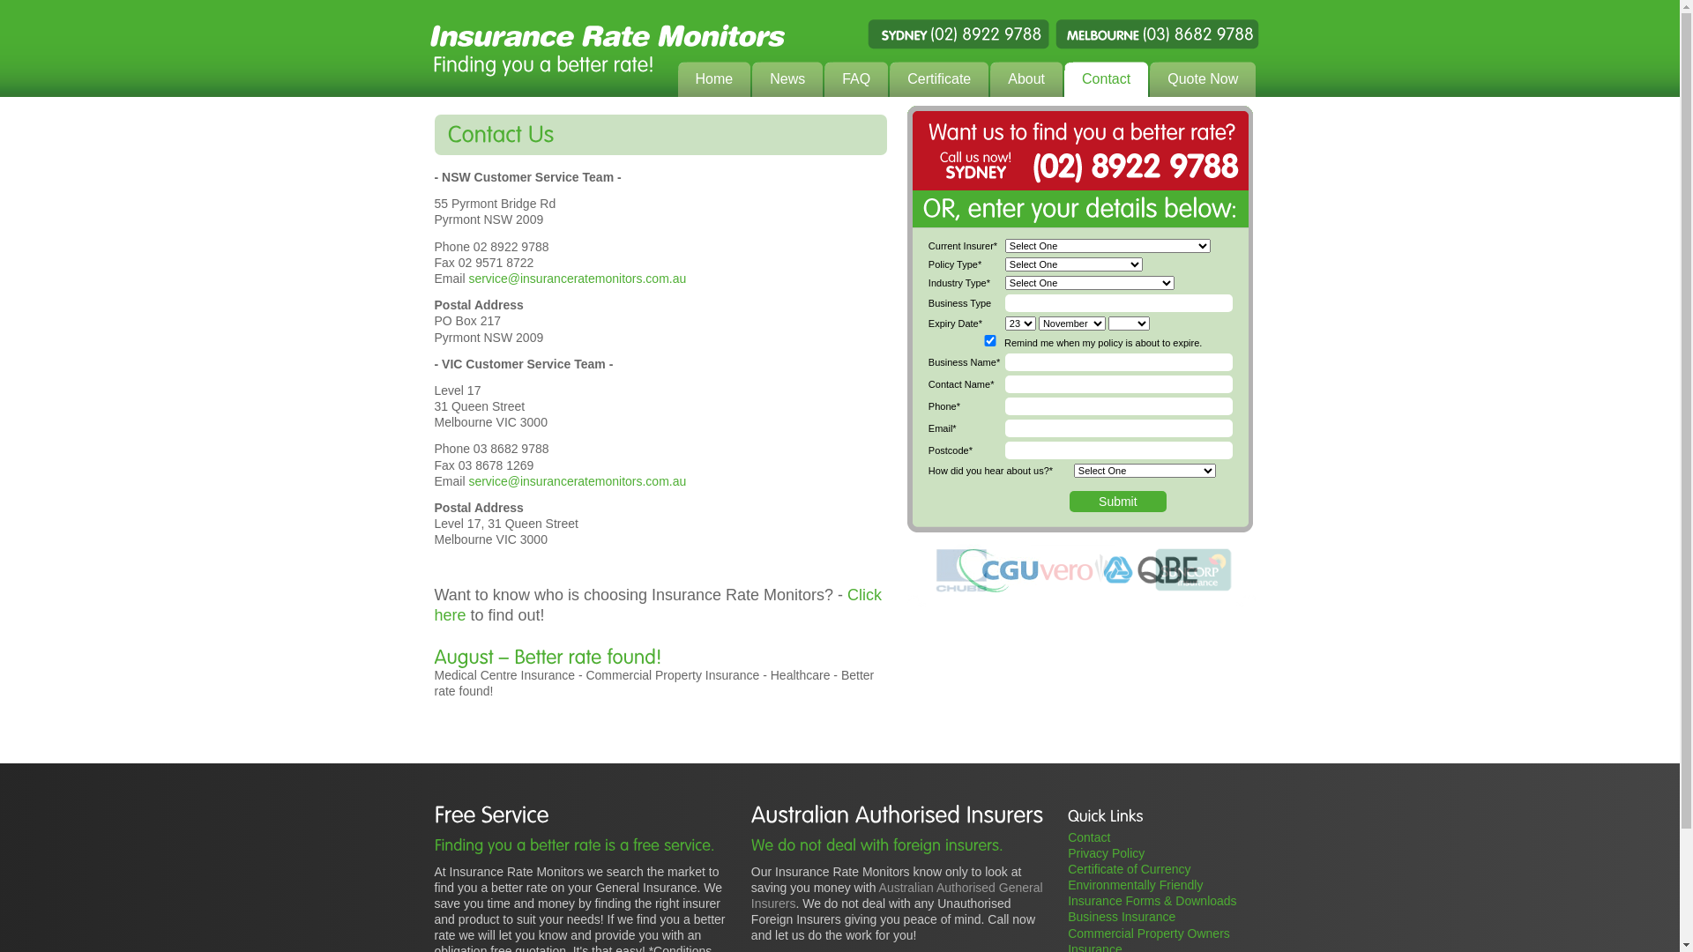 The height and width of the screenshot is (952, 1693). I want to click on 'Certificate of Currency', so click(1066, 868).